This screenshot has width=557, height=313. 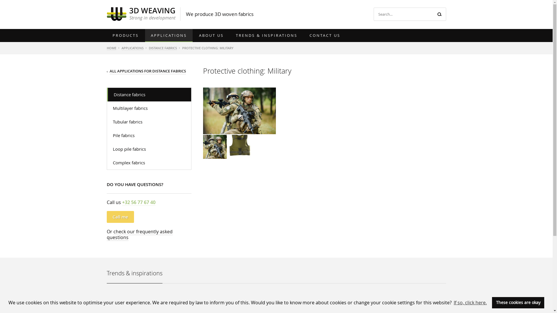 I want to click on 'ALL APPLICATIONS FOR DISTANCE FABRICS', so click(x=110, y=71).